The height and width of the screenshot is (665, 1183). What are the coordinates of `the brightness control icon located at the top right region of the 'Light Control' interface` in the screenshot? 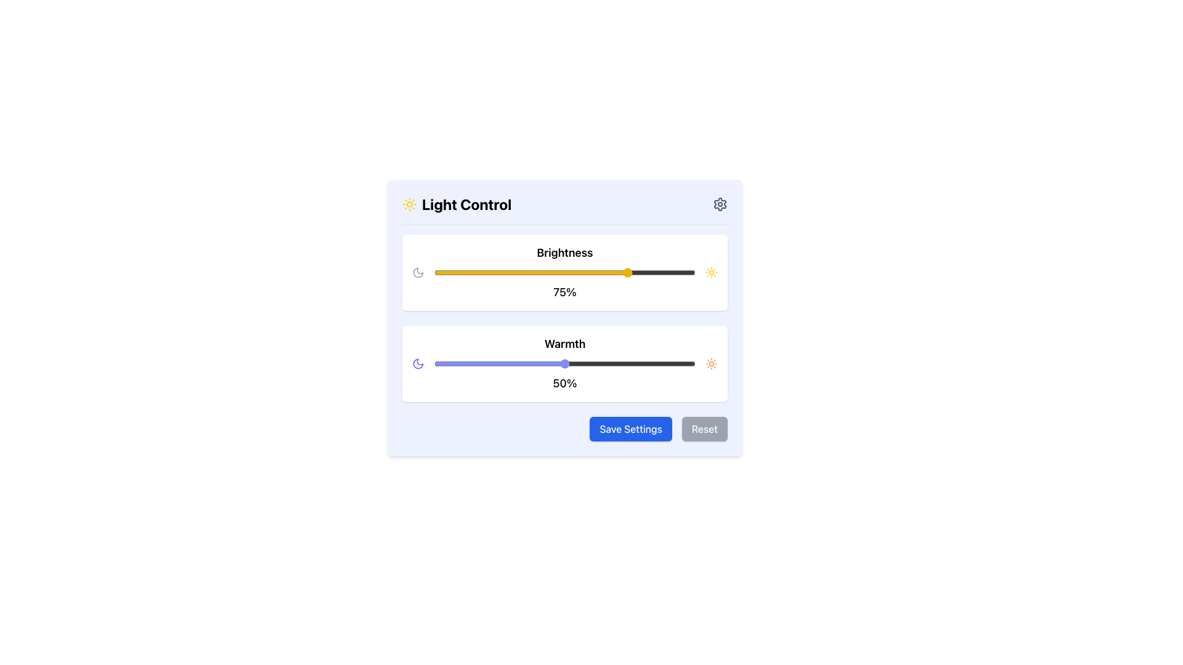 It's located at (712, 363).